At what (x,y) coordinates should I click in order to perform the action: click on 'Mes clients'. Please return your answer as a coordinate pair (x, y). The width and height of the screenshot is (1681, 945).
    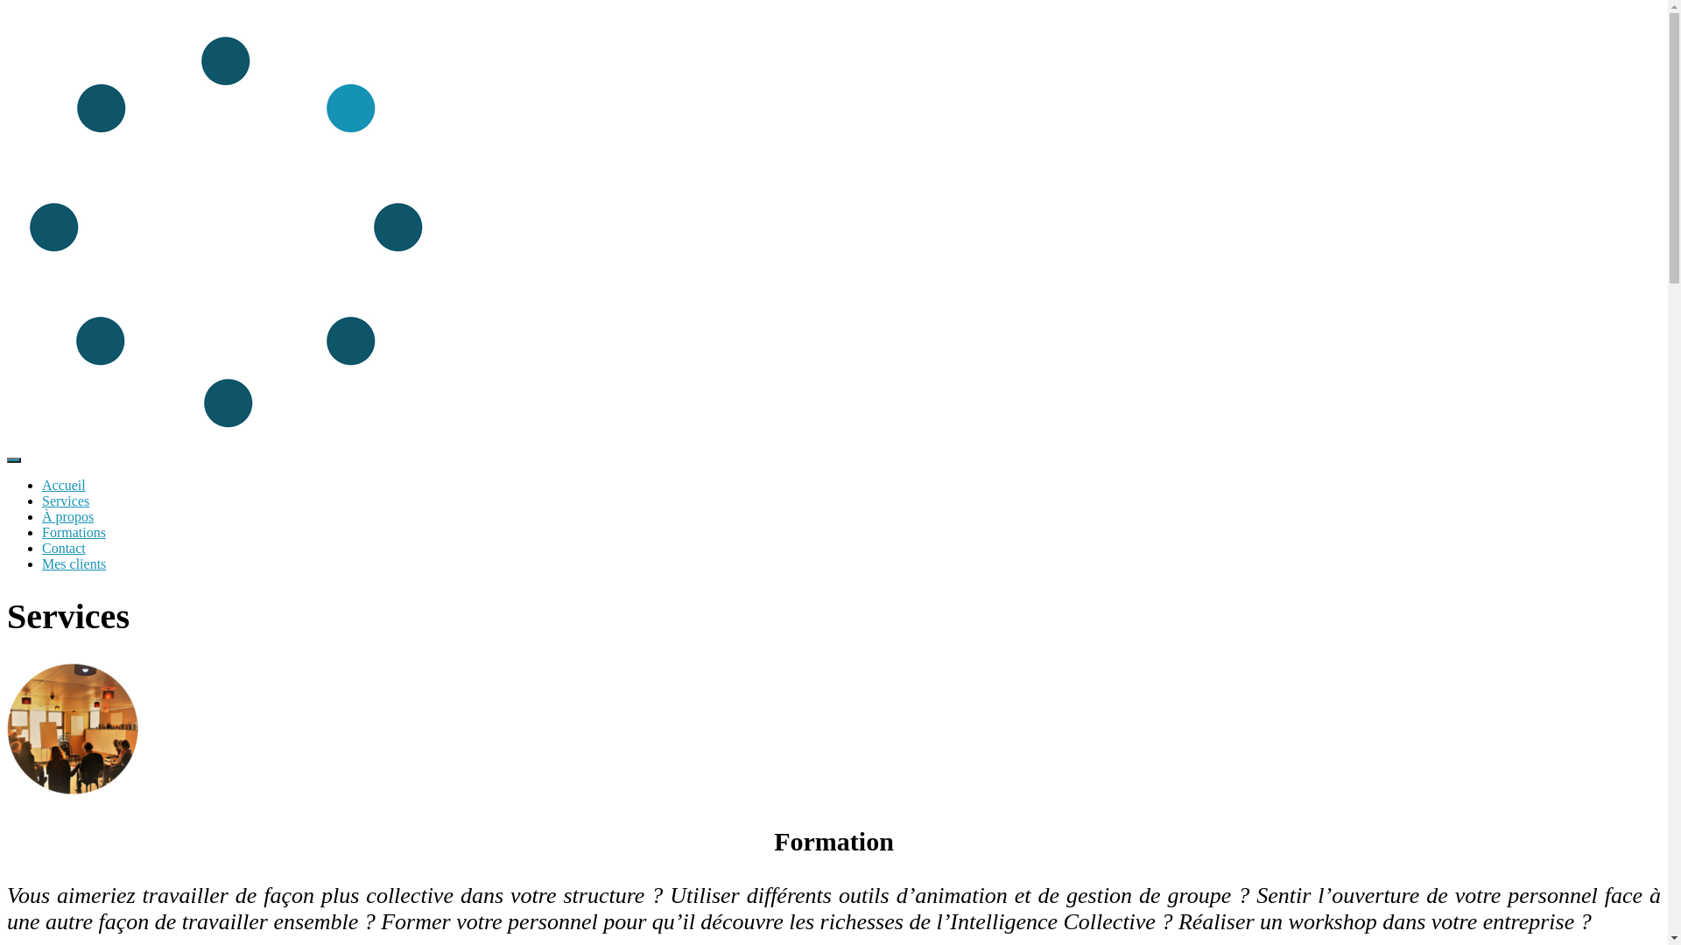
    Looking at the image, I should click on (73, 563).